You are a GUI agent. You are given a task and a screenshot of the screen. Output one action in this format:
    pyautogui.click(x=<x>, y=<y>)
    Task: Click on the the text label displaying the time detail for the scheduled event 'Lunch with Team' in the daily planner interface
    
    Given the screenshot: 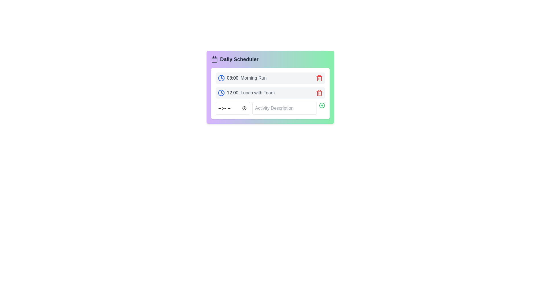 What is the action you would take?
    pyautogui.click(x=232, y=93)
    